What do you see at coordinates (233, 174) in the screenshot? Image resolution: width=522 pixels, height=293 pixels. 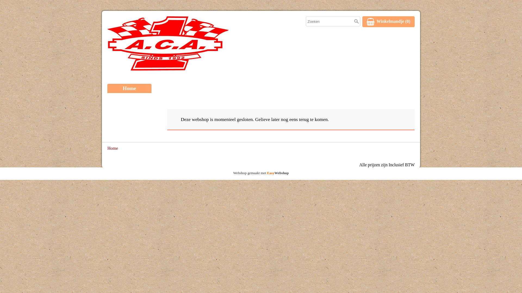 I see `'Webshop gemaakt met EasyWebshop'` at bounding box center [233, 174].